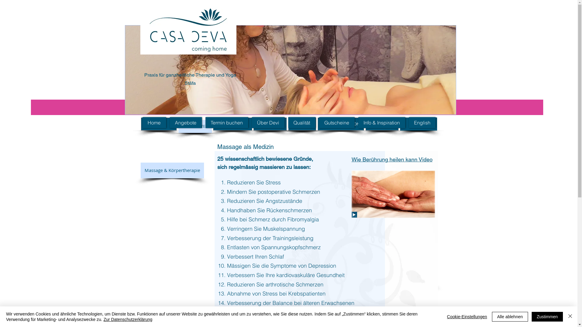  What do you see at coordinates (531, 316) in the screenshot?
I see `'Zustimmen'` at bounding box center [531, 316].